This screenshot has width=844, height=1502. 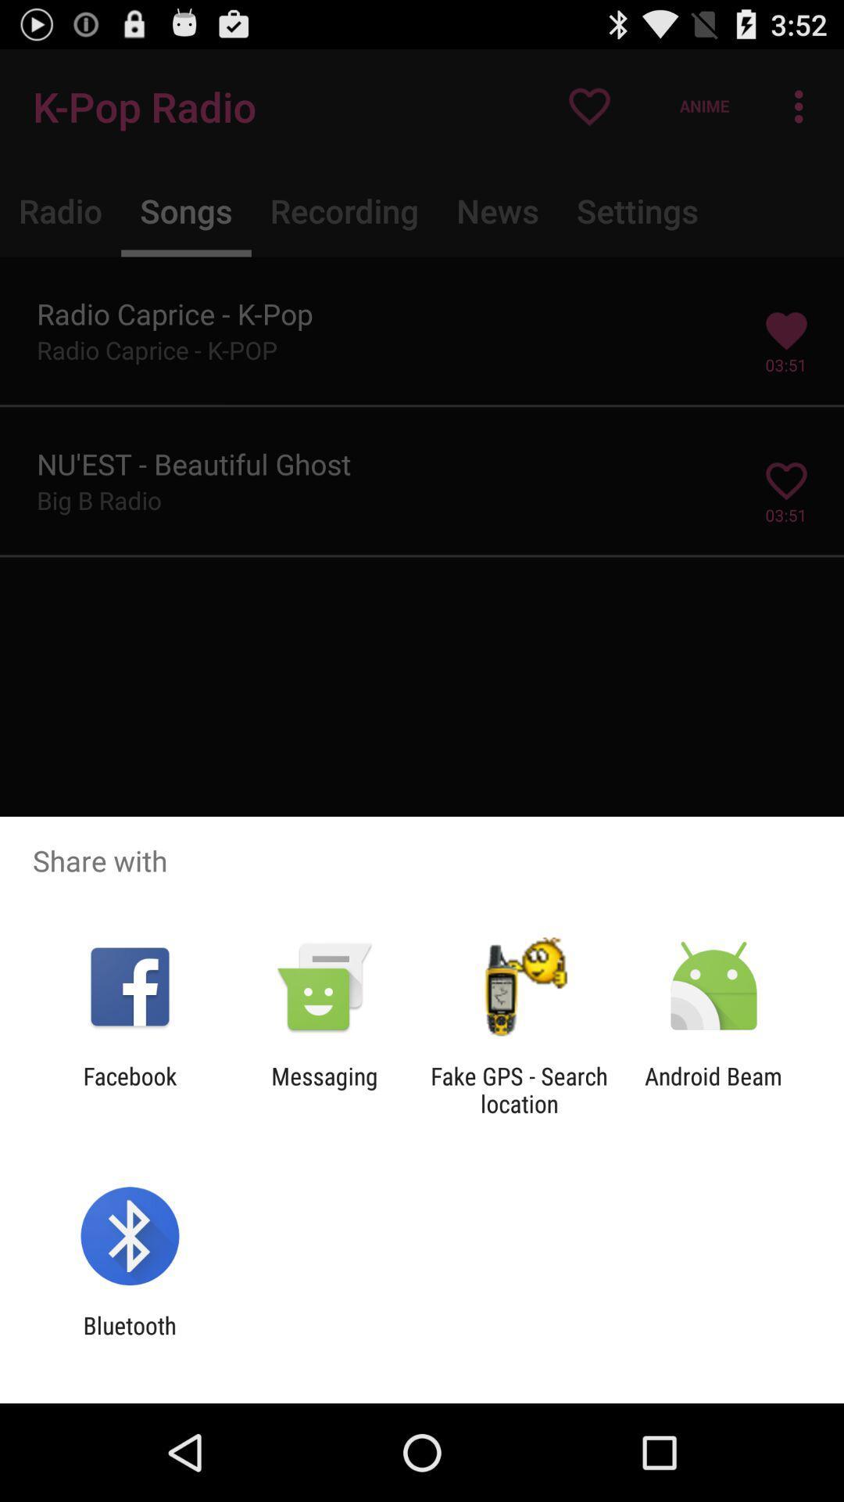 What do you see at coordinates (324, 1089) in the screenshot?
I see `the item to the right of facebook icon` at bounding box center [324, 1089].